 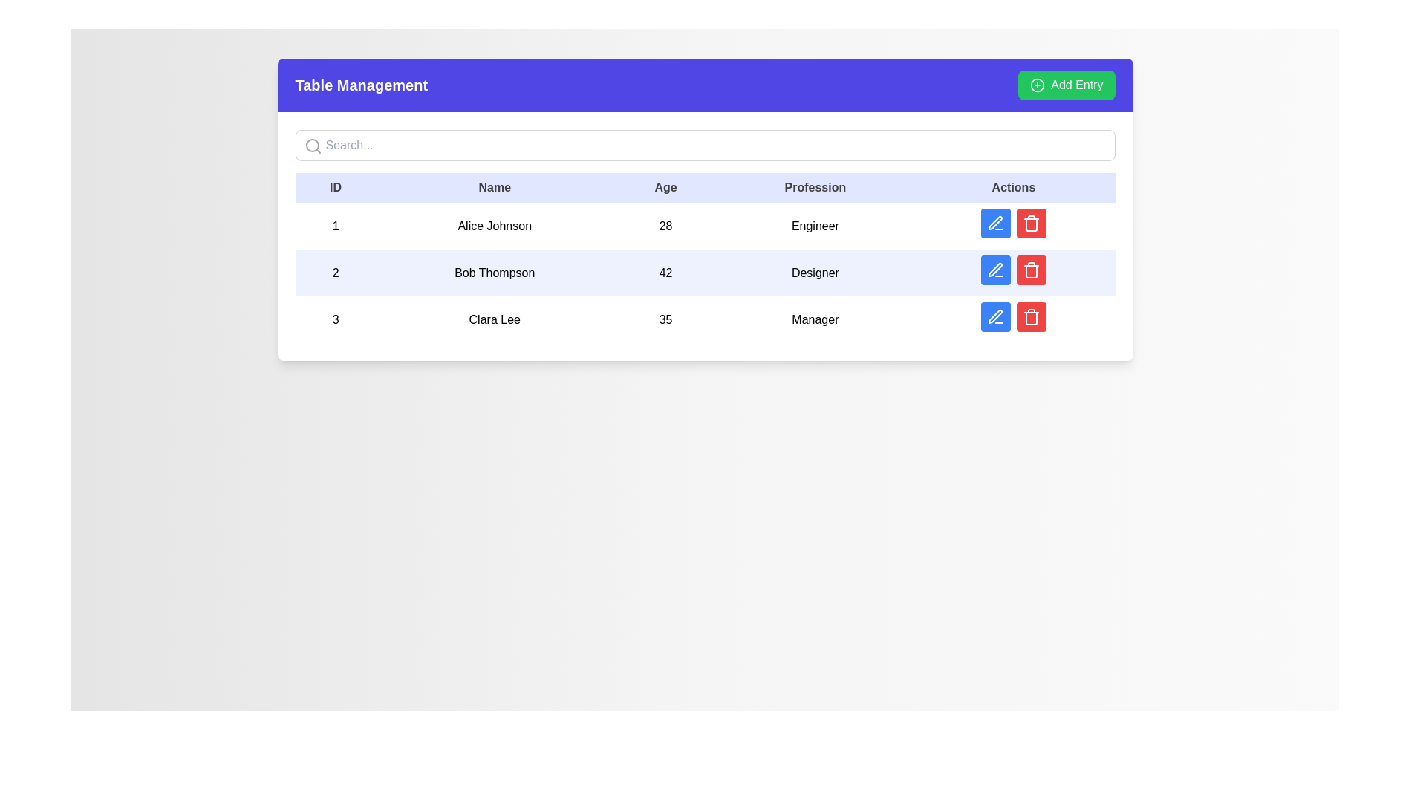 I want to click on value displayed in the Text label showing '28' under the 'Age' column for 'Alice Johnson' in the table, so click(x=665, y=226).